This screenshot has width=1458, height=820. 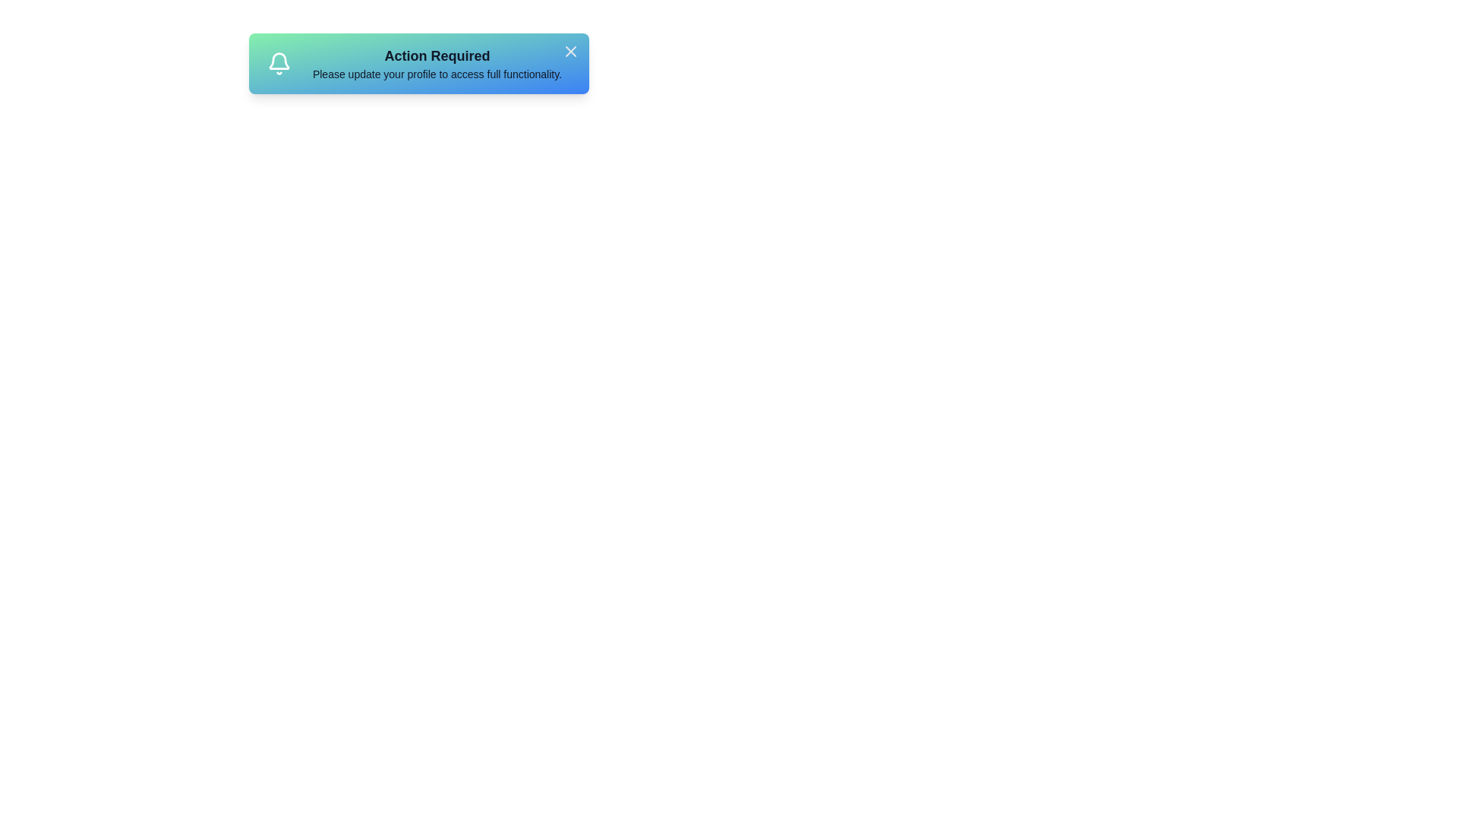 I want to click on the bell icon to trigger its functionality, so click(x=279, y=63).